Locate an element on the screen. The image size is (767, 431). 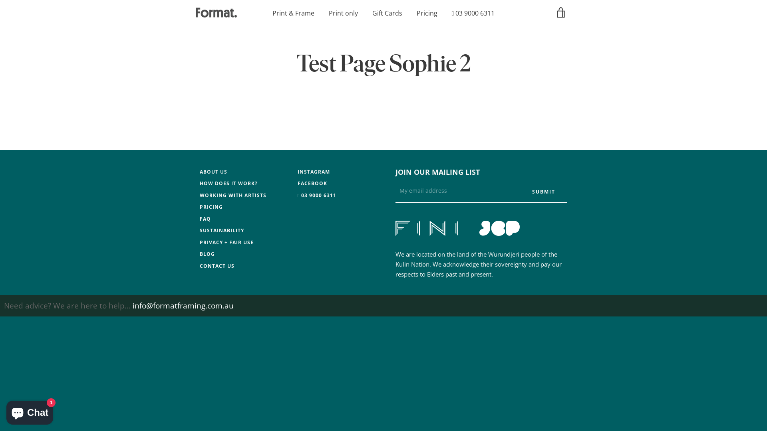
'PRICING' is located at coordinates (211, 206).